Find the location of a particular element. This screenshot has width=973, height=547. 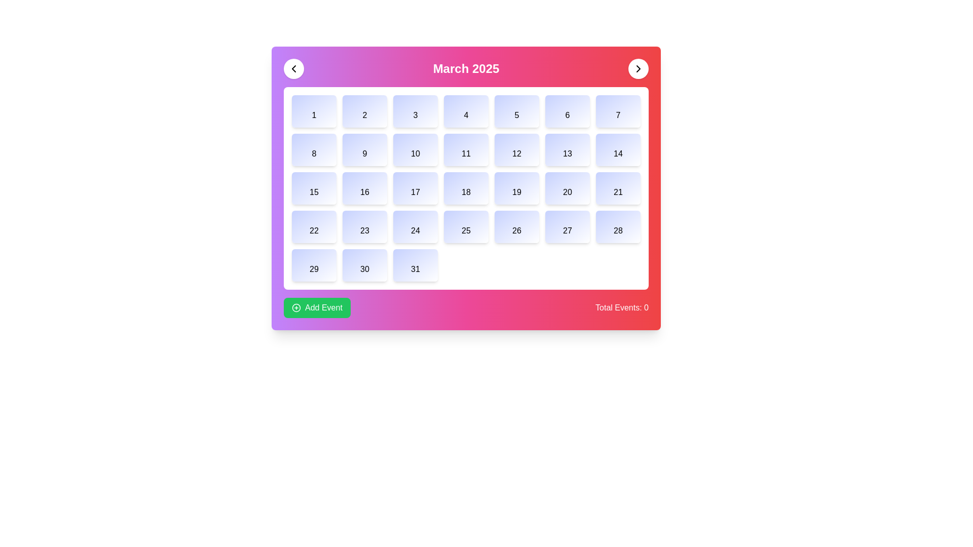

the calendar day box displaying the number '4' is located at coordinates (466, 111).